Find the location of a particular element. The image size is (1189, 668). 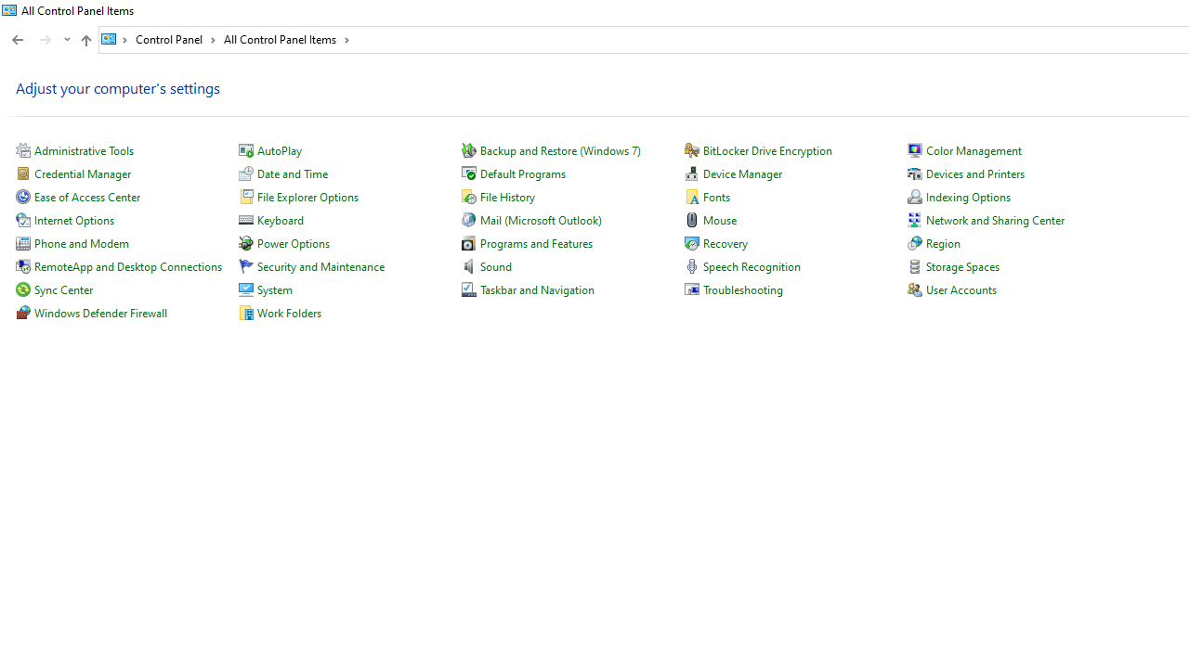

'Administrative Tools' is located at coordinates (83, 149).